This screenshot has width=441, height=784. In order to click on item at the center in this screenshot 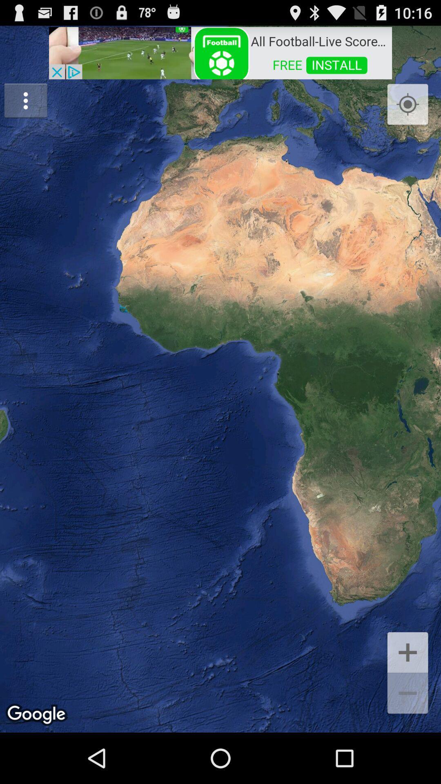, I will do `click(220, 379)`.